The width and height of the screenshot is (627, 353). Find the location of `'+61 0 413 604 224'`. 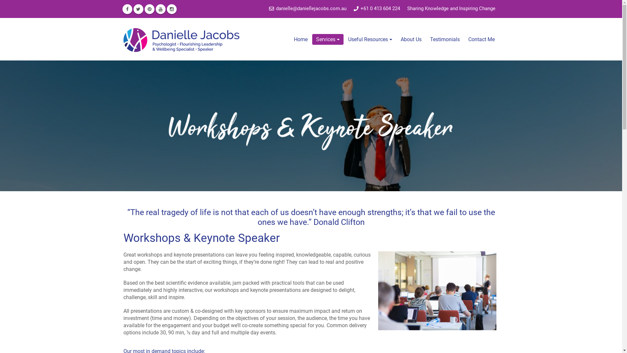

'+61 0 413 604 224' is located at coordinates (377, 8).